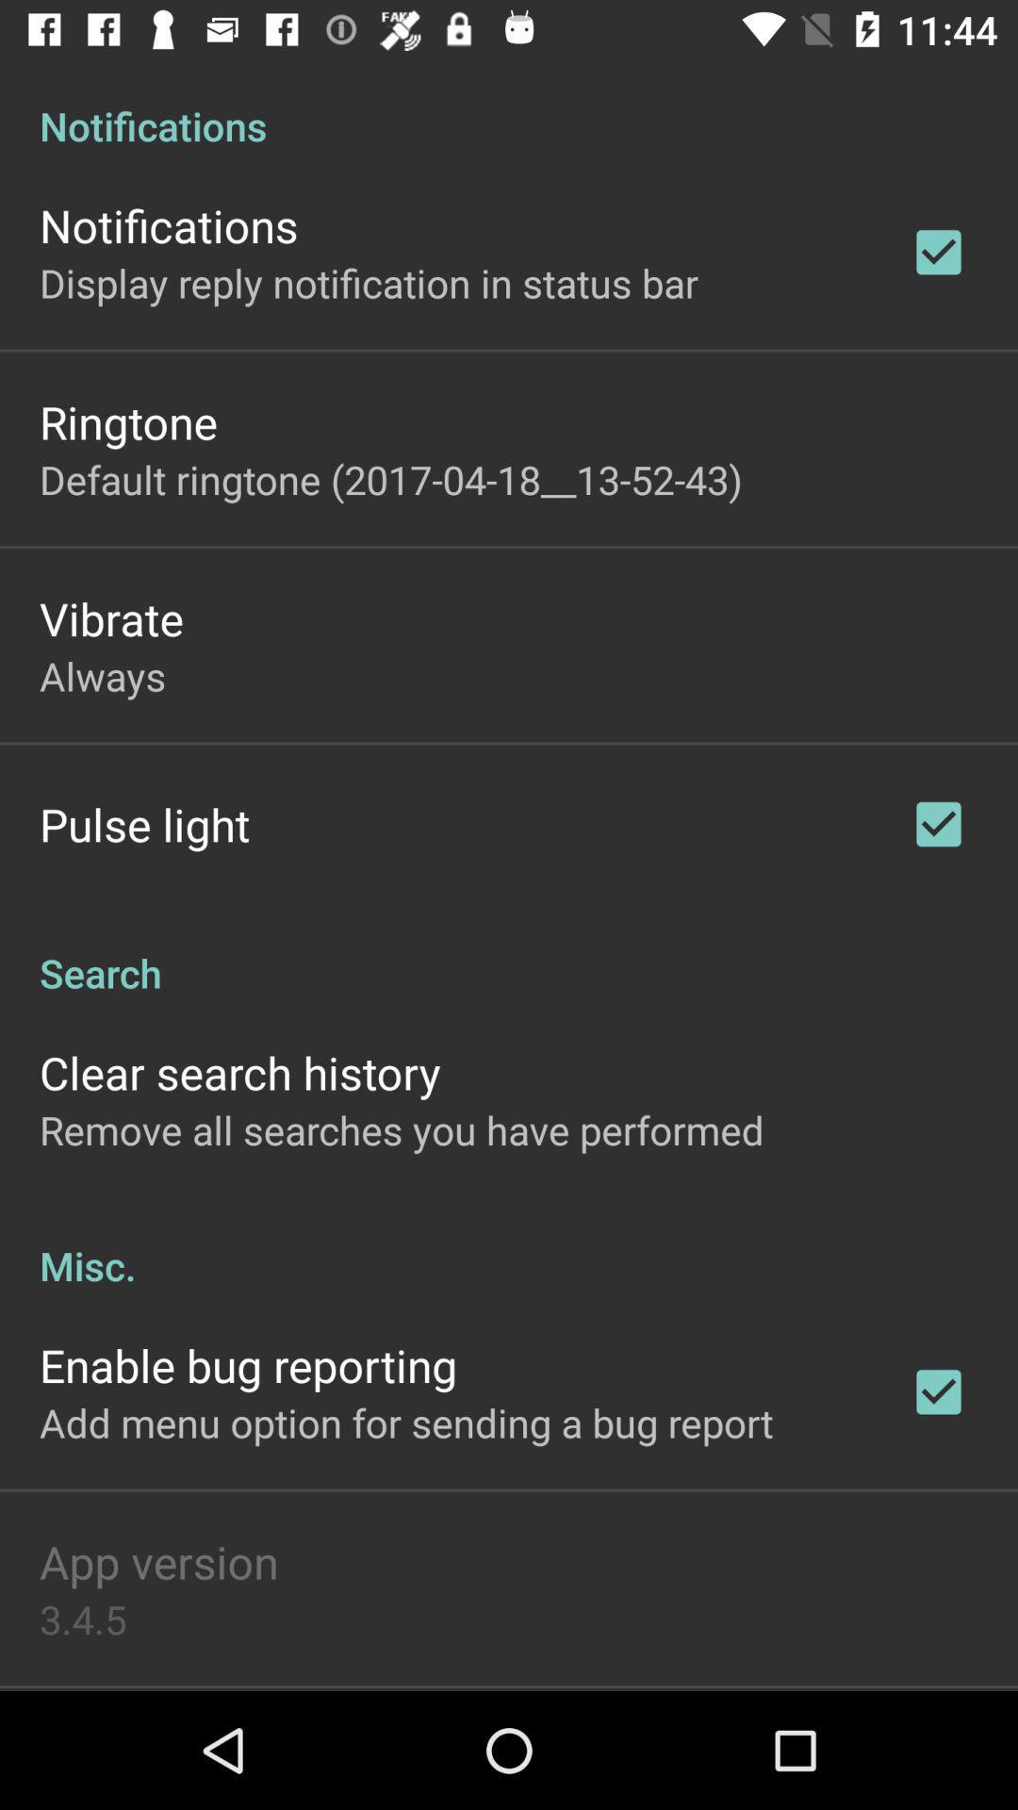 The height and width of the screenshot is (1810, 1018). I want to click on icon above the remove all searches icon, so click(238, 1072).